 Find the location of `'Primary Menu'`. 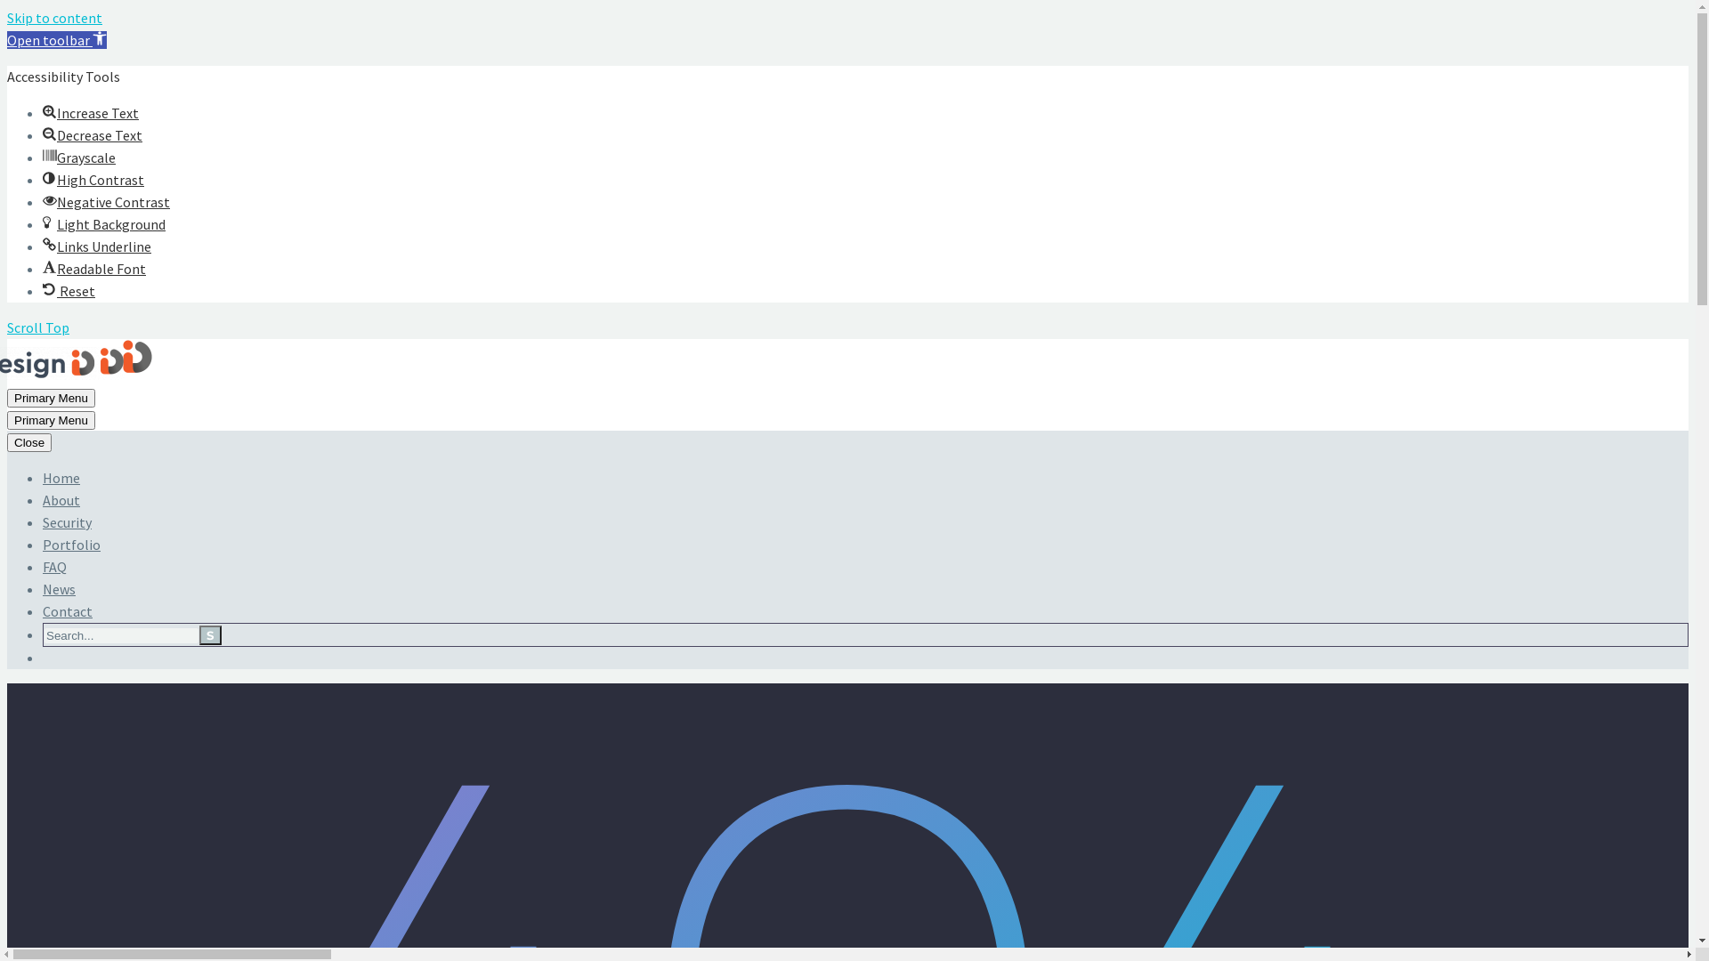

'Primary Menu' is located at coordinates (7, 420).